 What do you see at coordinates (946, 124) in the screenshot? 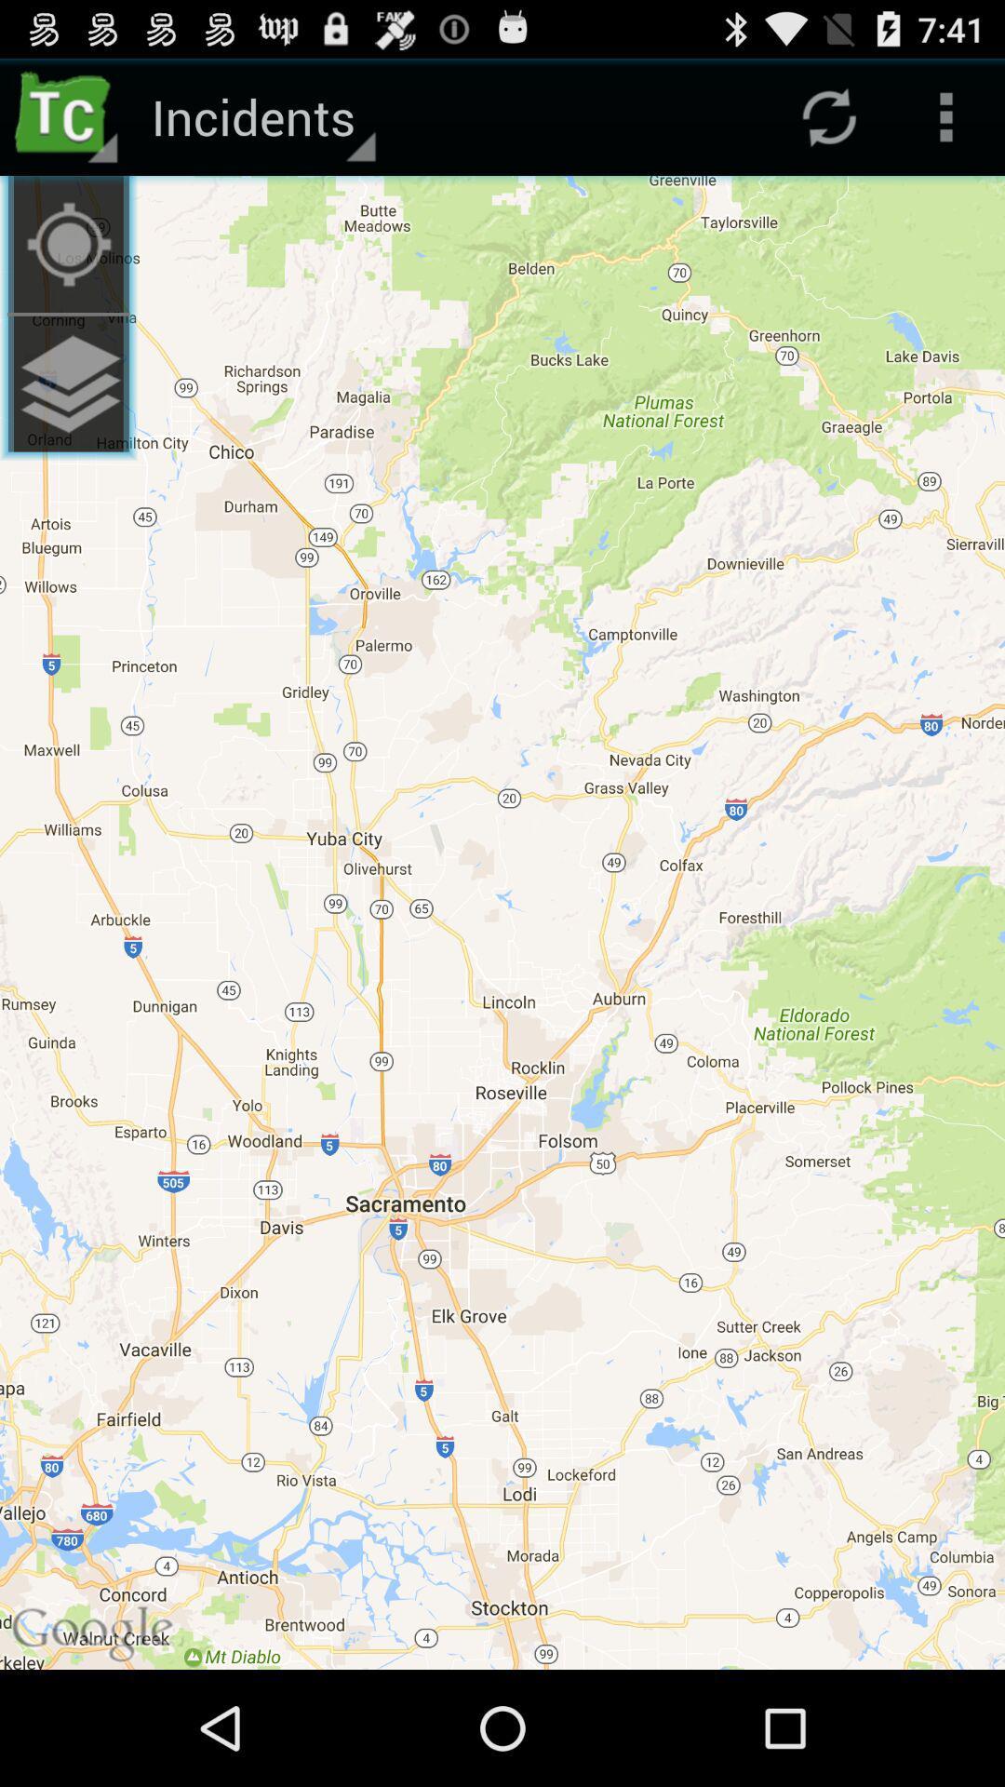
I see `the more icon` at bounding box center [946, 124].